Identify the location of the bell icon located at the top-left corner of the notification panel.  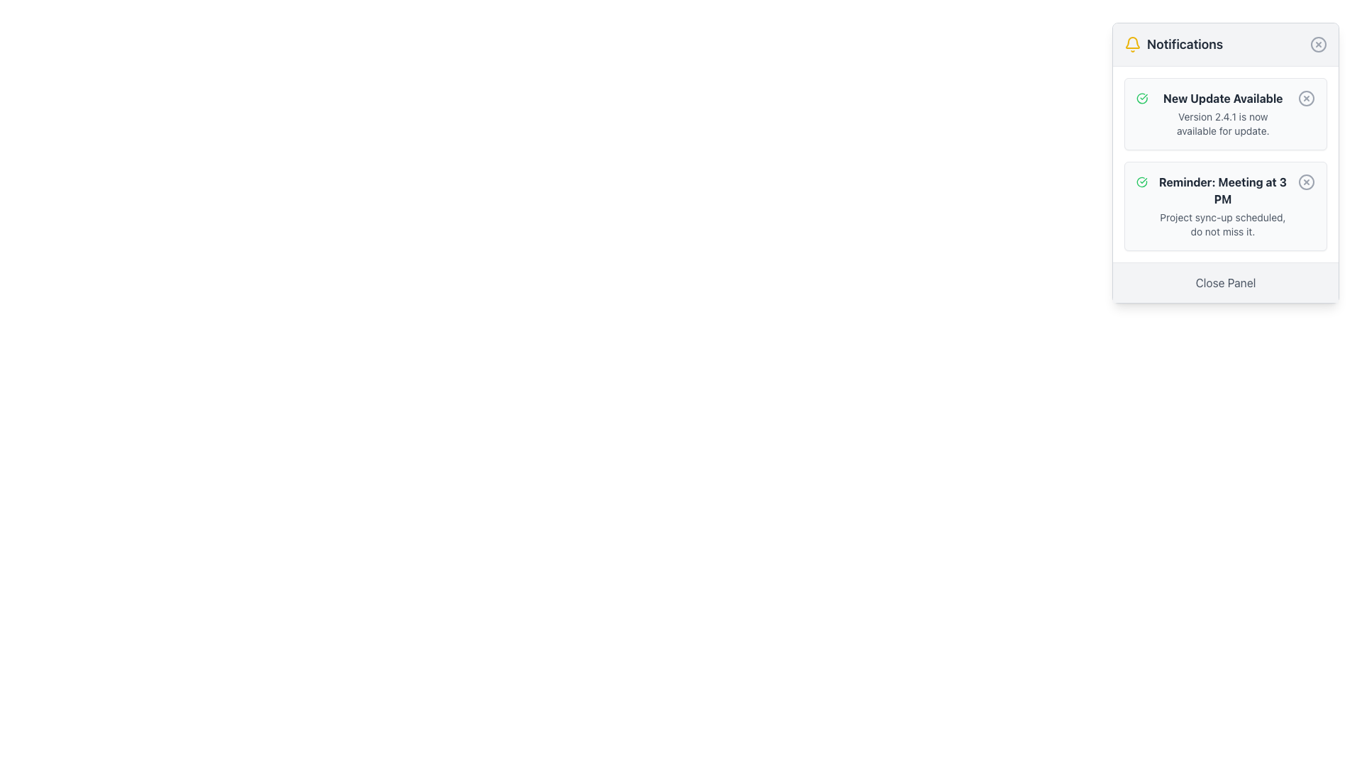
(1132, 43).